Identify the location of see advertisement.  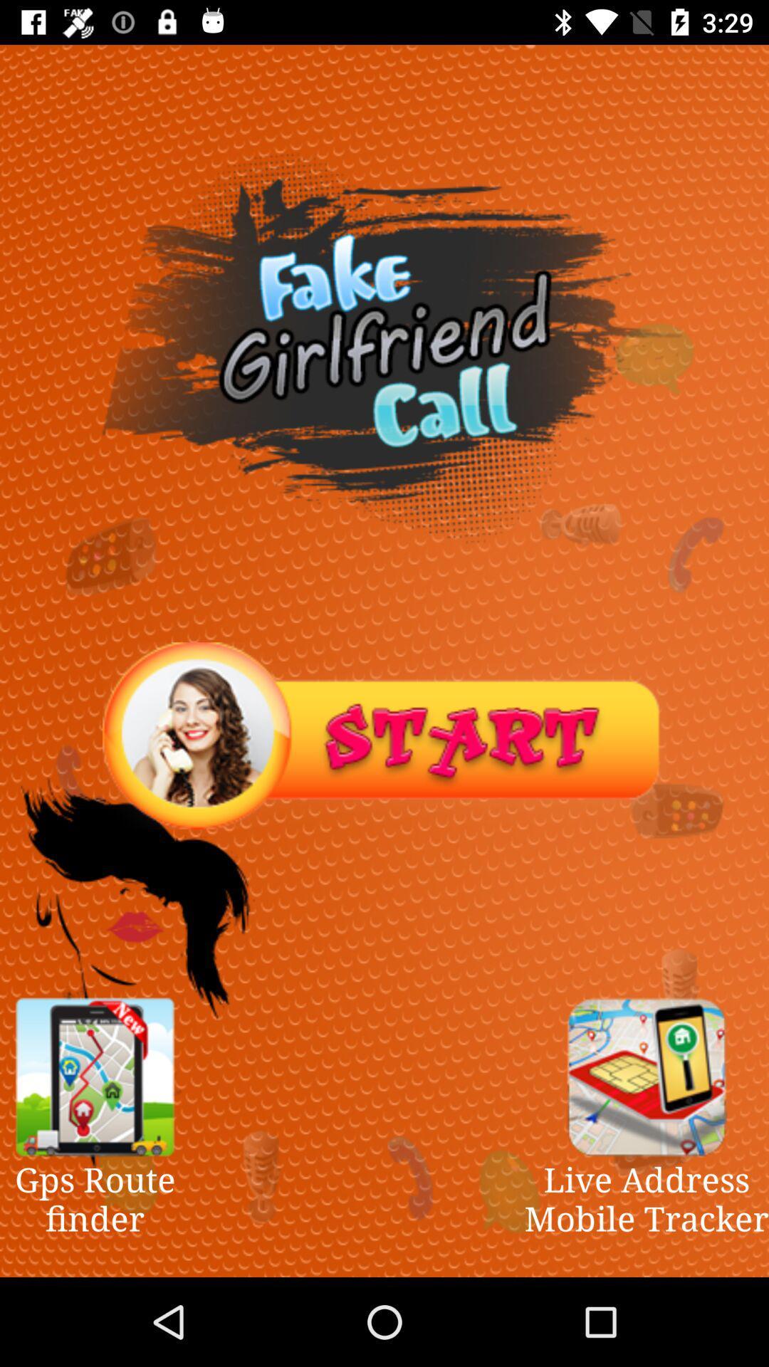
(647, 1077).